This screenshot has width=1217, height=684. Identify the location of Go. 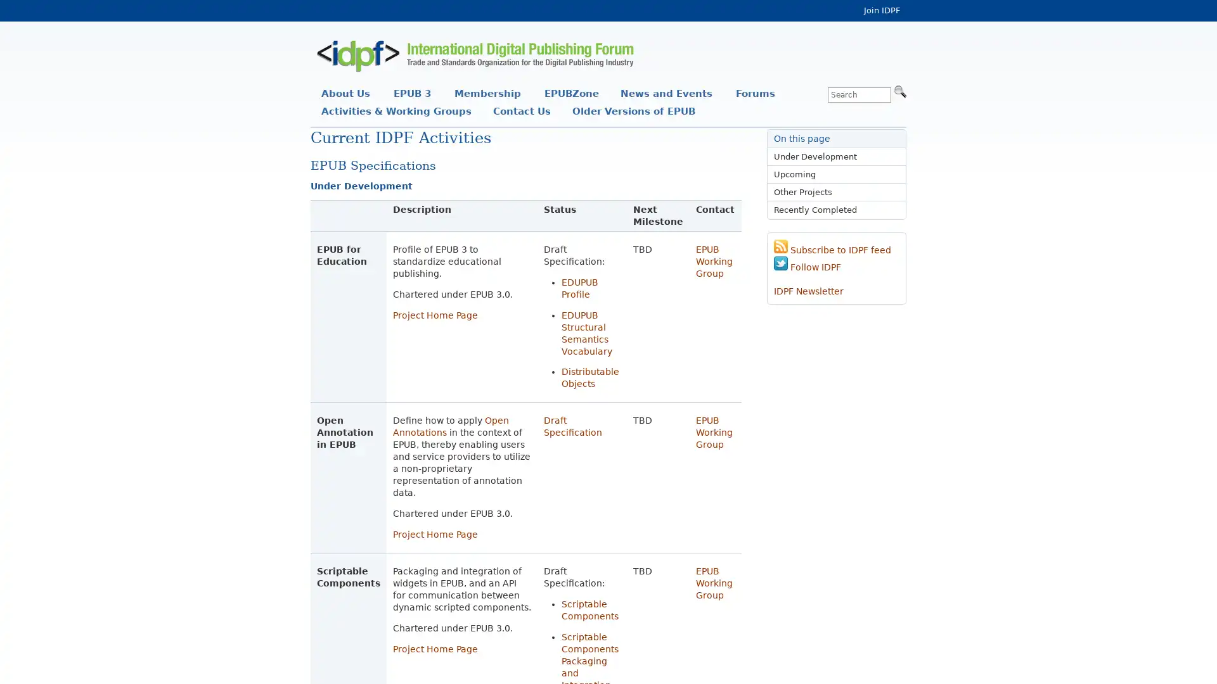
(899, 90).